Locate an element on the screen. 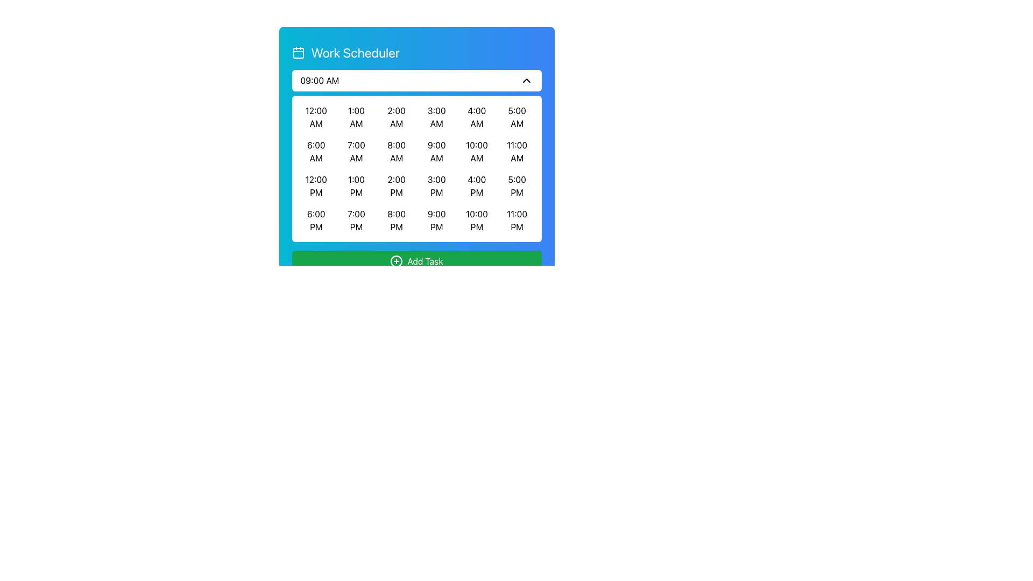  the text label that serves as the title for the 'Work Scheduler' application is located at coordinates (355, 52).